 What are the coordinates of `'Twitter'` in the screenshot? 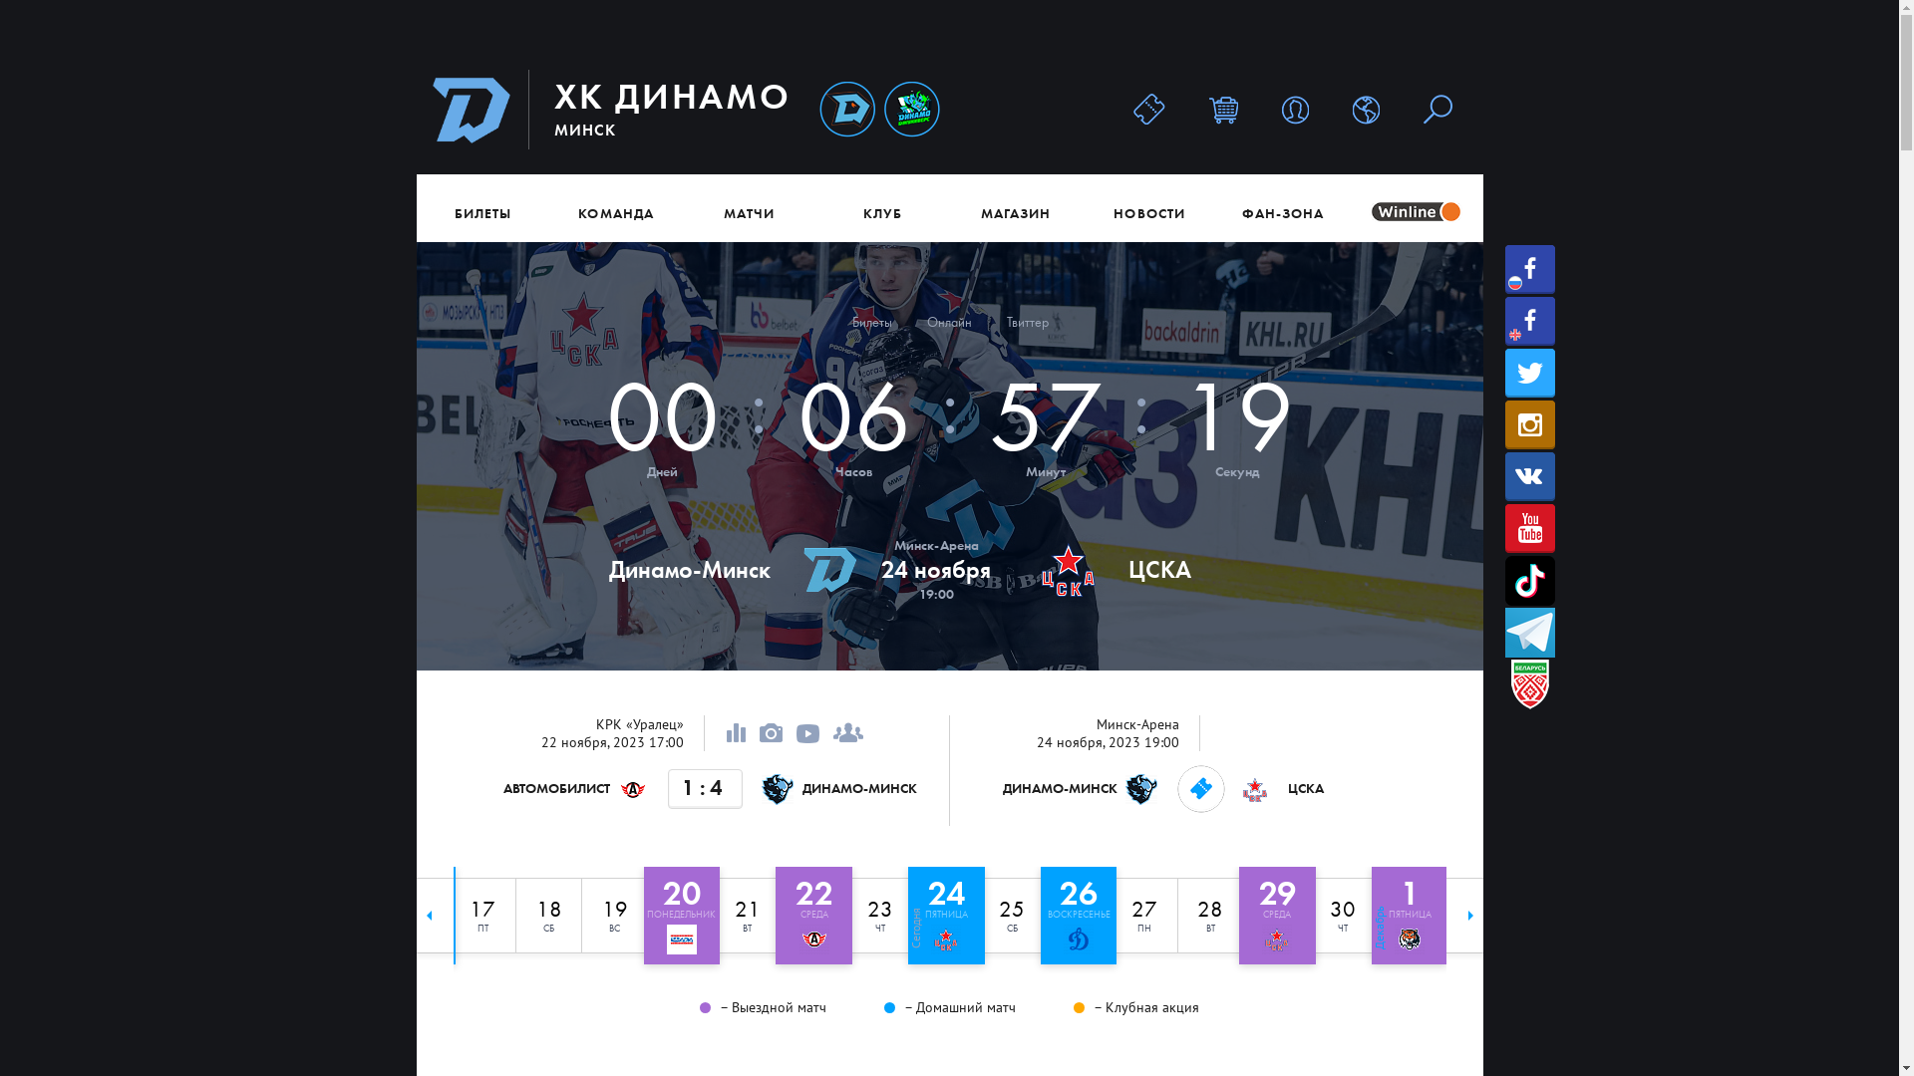 It's located at (1505, 373).